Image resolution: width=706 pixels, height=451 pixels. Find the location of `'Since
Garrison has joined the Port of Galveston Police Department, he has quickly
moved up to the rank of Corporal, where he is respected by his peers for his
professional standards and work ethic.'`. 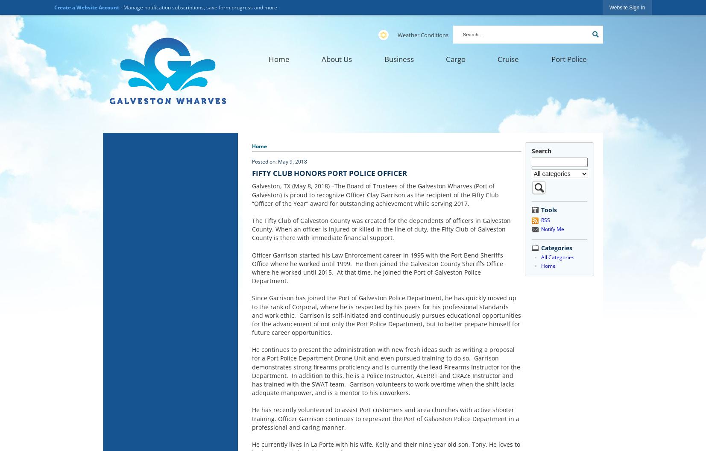

'Since
Garrison has joined the Port of Galveston Police Department, he has quickly
moved up to the rank of Corporal, where he is respected by his peers for his
professional standards and work ethic.' is located at coordinates (384, 306).